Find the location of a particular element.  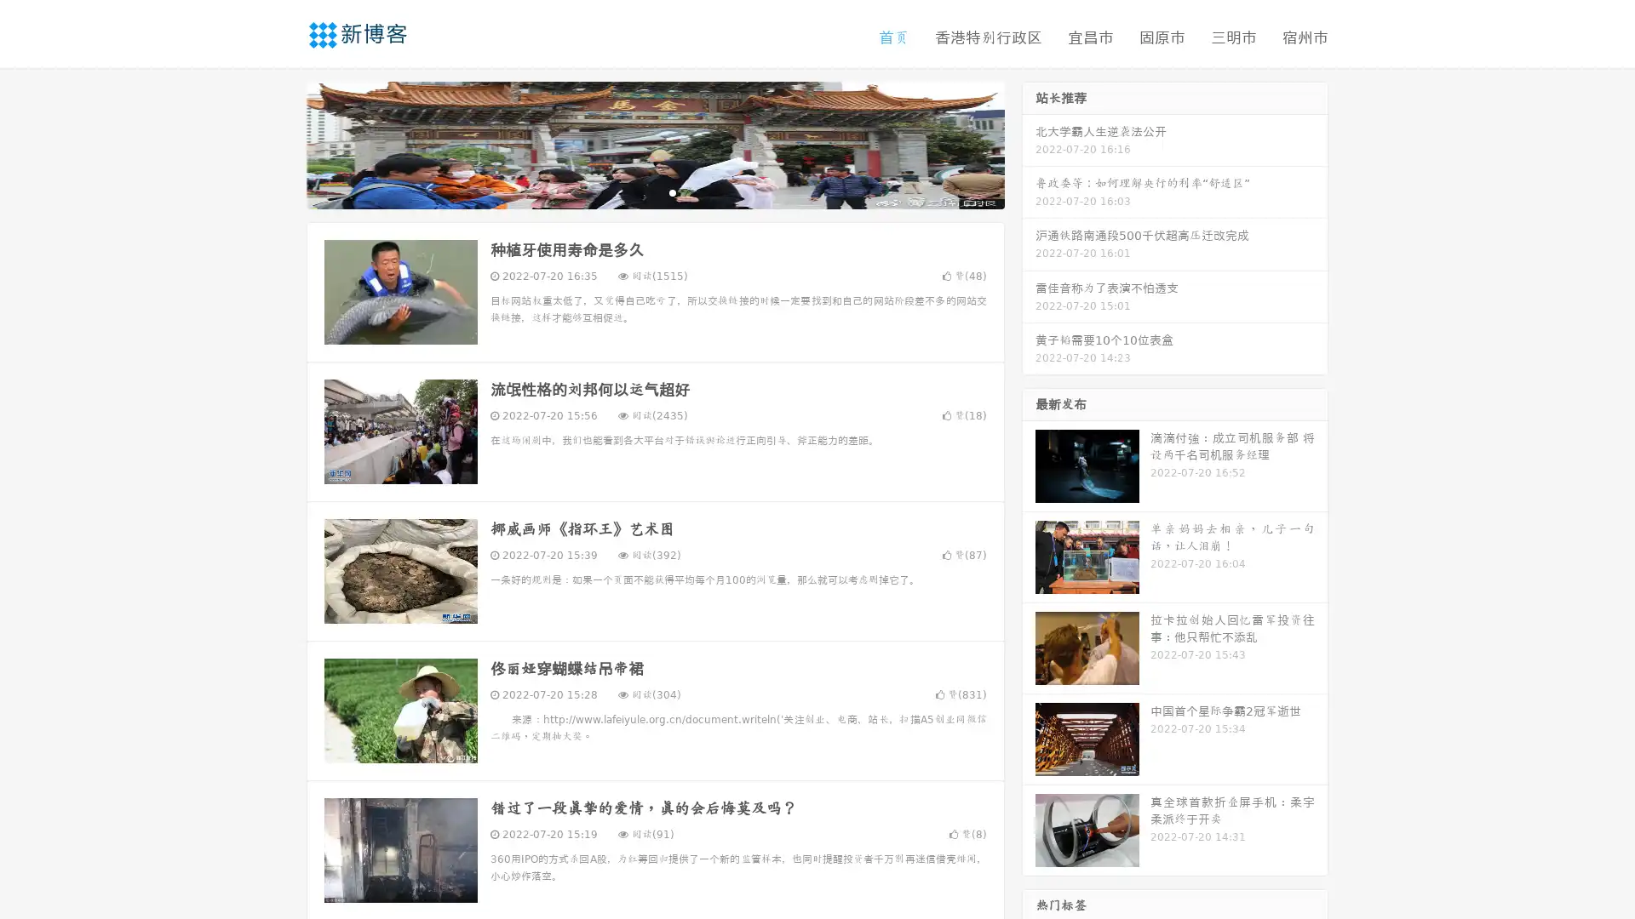

Go to slide 1 is located at coordinates (637, 191).